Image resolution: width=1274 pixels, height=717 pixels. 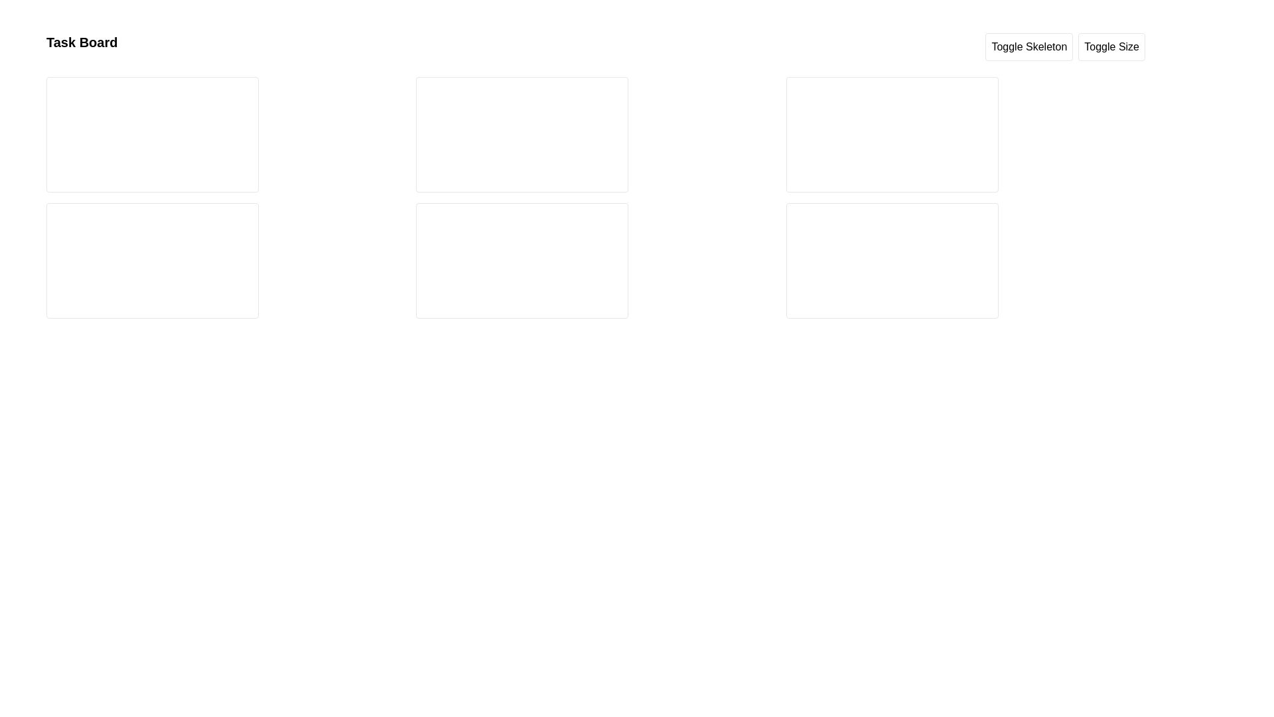 What do you see at coordinates (873, 278) in the screenshot?
I see `the second skeleton loader component, which serves as a placeholder for dynamically loaded content, located in the lower-right quadrant of the layout` at bounding box center [873, 278].